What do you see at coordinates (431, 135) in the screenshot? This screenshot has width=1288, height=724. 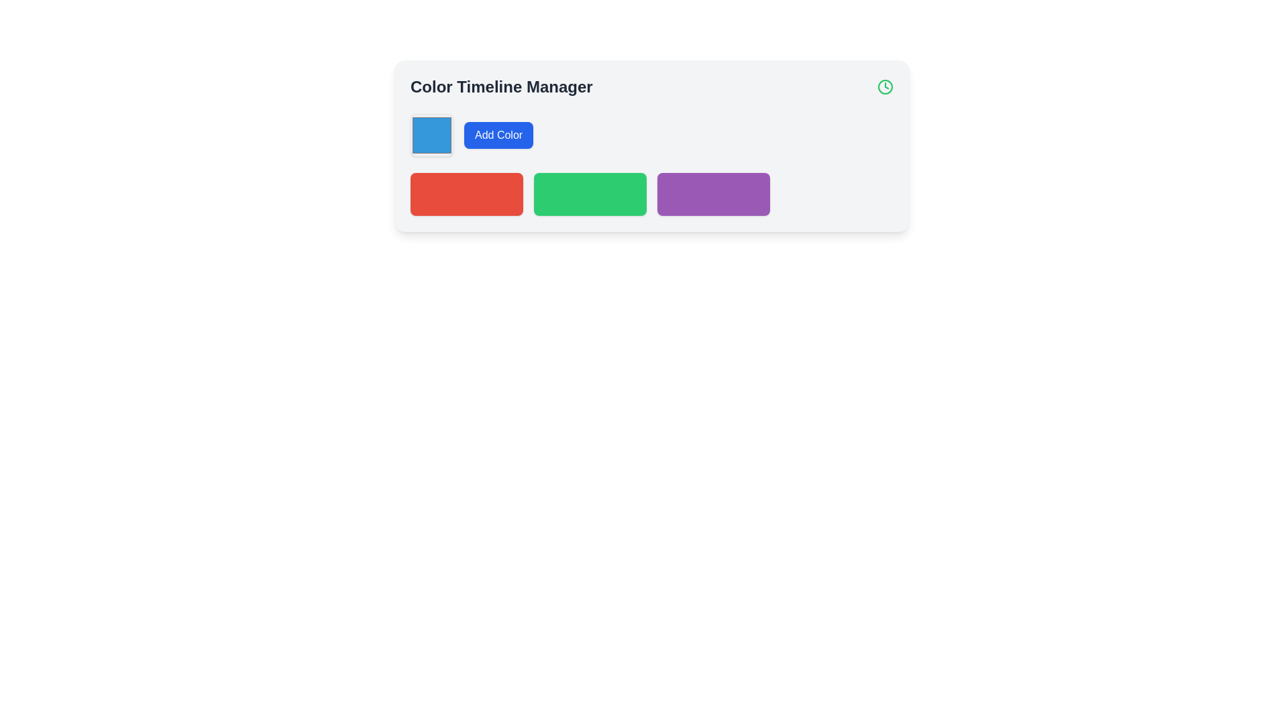 I see `the color indicator or color selector located in the upper-left section of the 'Color Timeline Manager' interface` at bounding box center [431, 135].